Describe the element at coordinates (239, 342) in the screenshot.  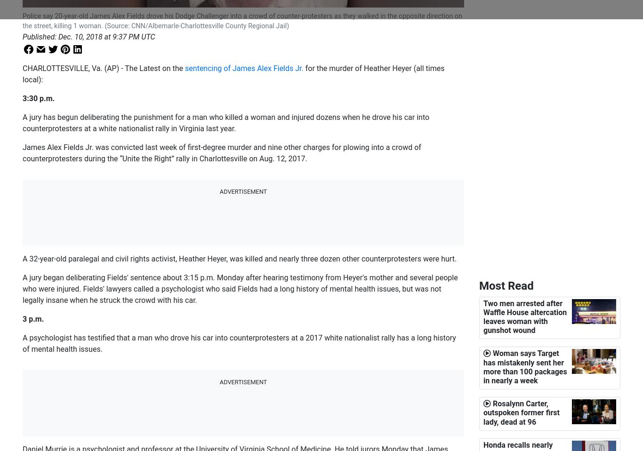
I see `'A psychologist has testified that a man who drove his car into counterprotesters at a 2017 white nationalist rally has a long history of mental health issues.'` at that location.